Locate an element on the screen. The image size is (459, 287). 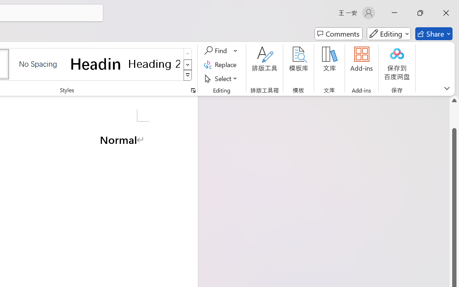
'Select' is located at coordinates (221, 78).